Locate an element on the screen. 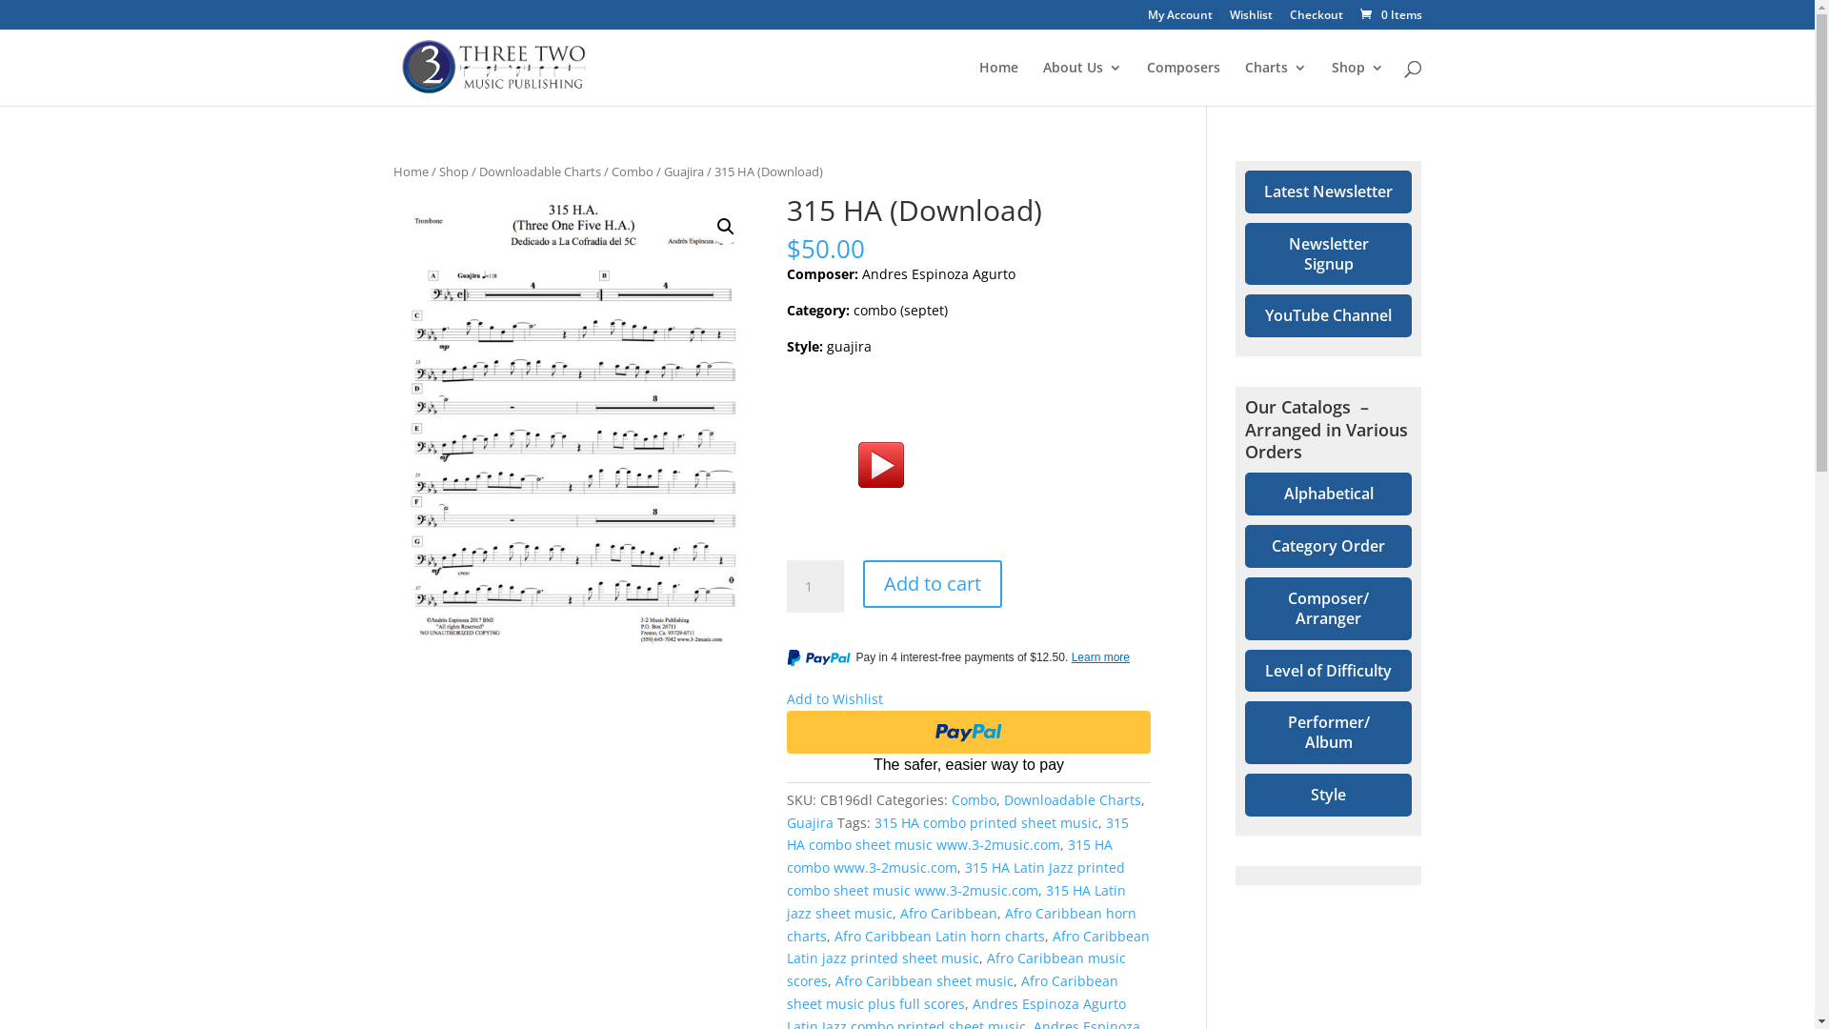 The width and height of the screenshot is (1829, 1029). 'YouTube Channel' is located at coordinates (1244, 314).